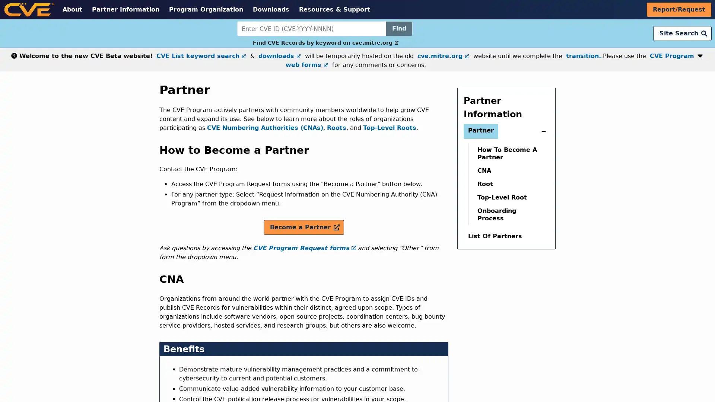 The image size is (715, 402). I want to click on expand, so click(541, 131).